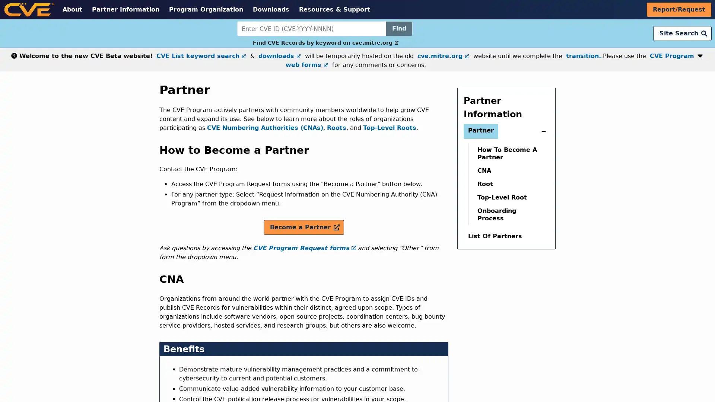 The image size is (715, 402). I want to click on expand, so click(541, 131).